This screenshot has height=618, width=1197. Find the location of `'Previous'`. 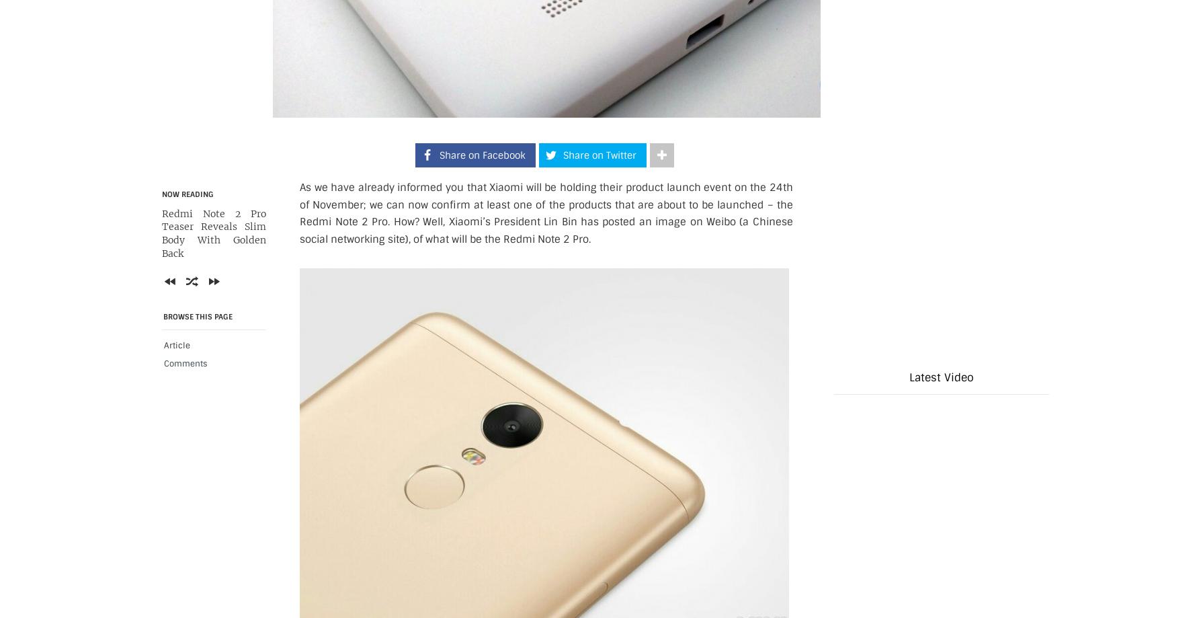

'Previous' is located at coordinates (173, 604).